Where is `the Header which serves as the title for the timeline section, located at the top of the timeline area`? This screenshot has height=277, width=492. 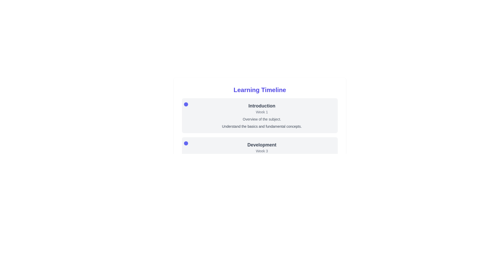 the Header which serves as the title for the timeline section, located at the top of the timeline area is located at coordinates (260, 90).